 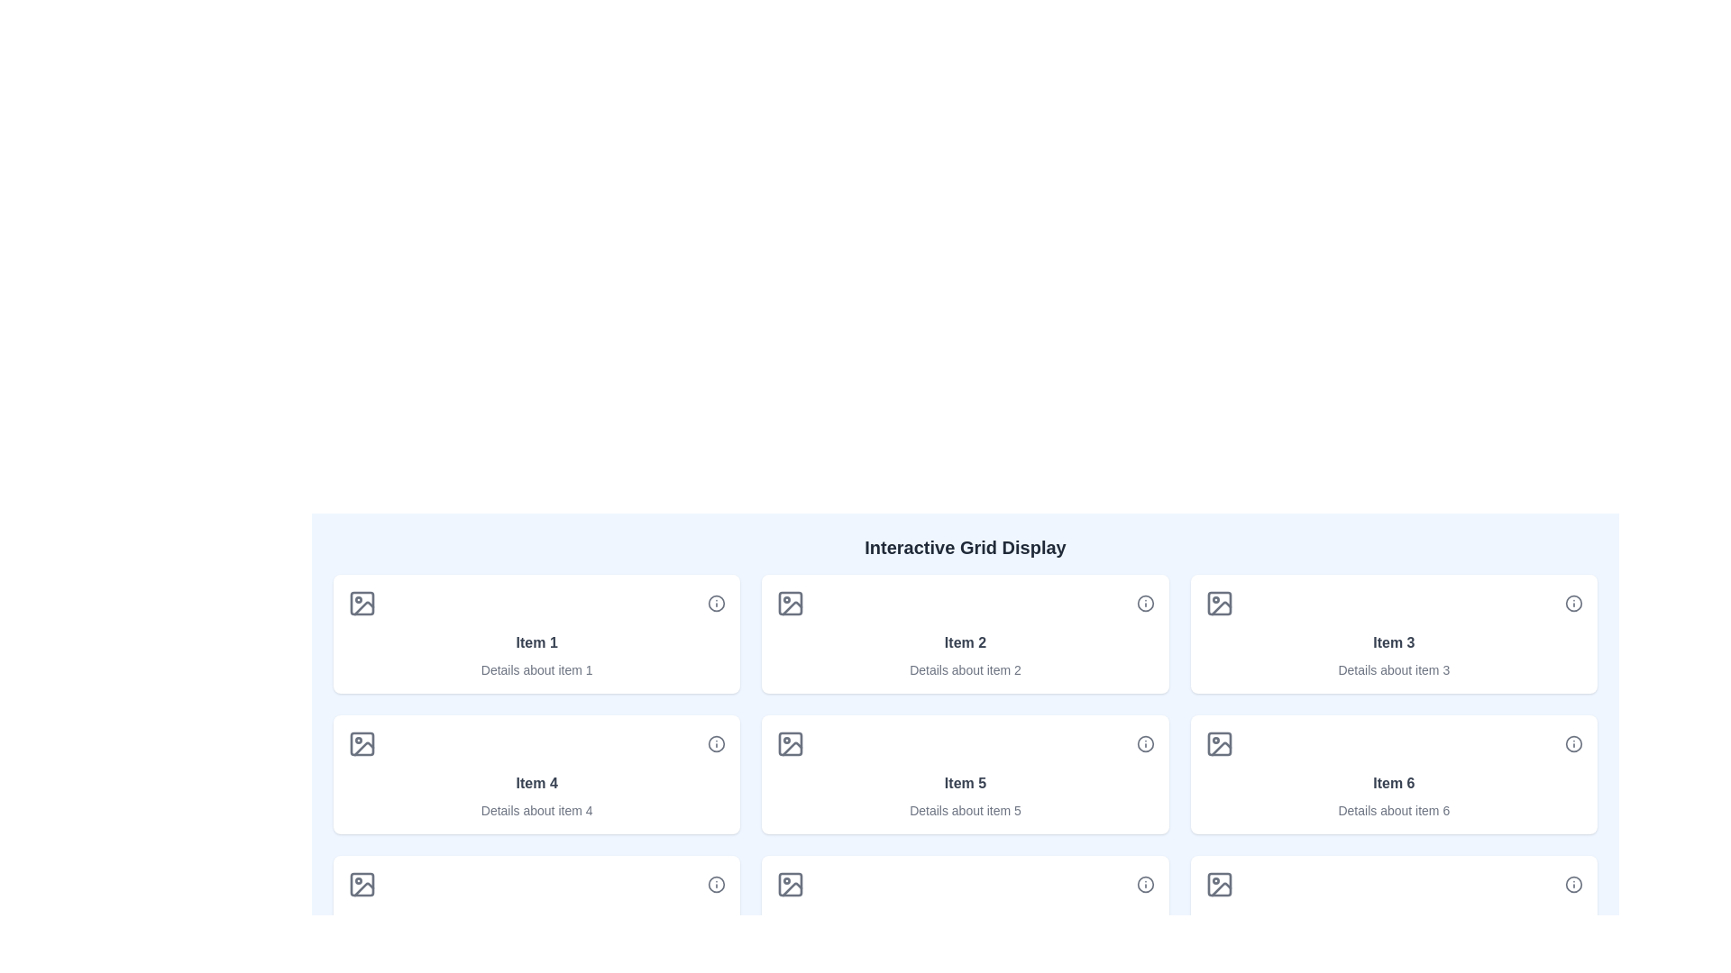 I want to click on the icon representing the image or placeholder for 'Item 5' located in the second row and third column of the grid, so click(x=791, y=743).